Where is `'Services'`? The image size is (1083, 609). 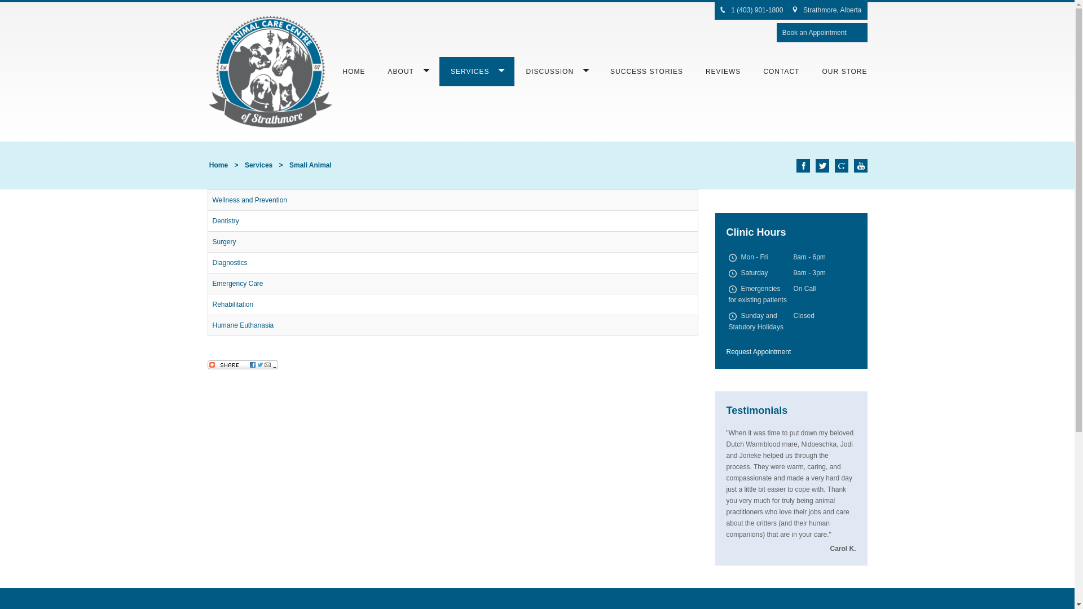 'Services' is located at coordinates (258, 165).